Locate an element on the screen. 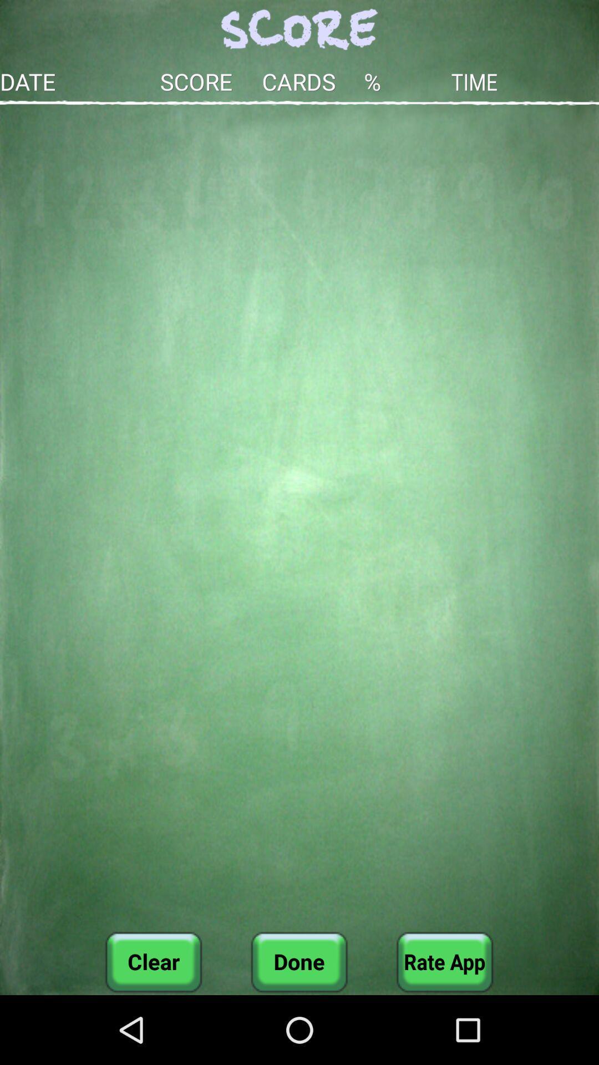 The width and height of the screenshot is (599, 1065). item next to clear is located at coordinates (298, 961).